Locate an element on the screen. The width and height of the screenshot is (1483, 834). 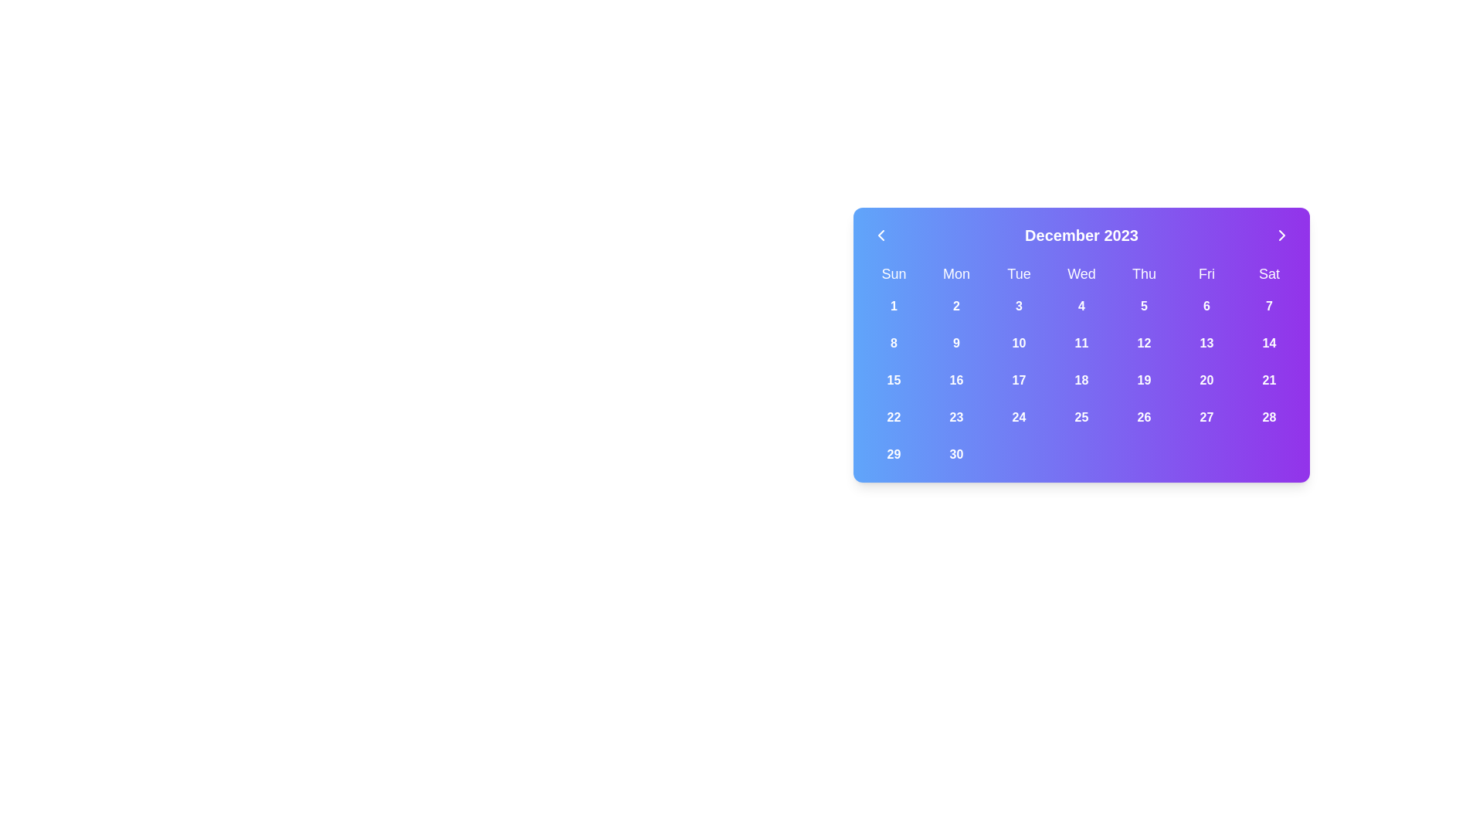
the right-pointing chevron icon located at the top-right corner of the calendar interface is located at coordinates (1282, 235).